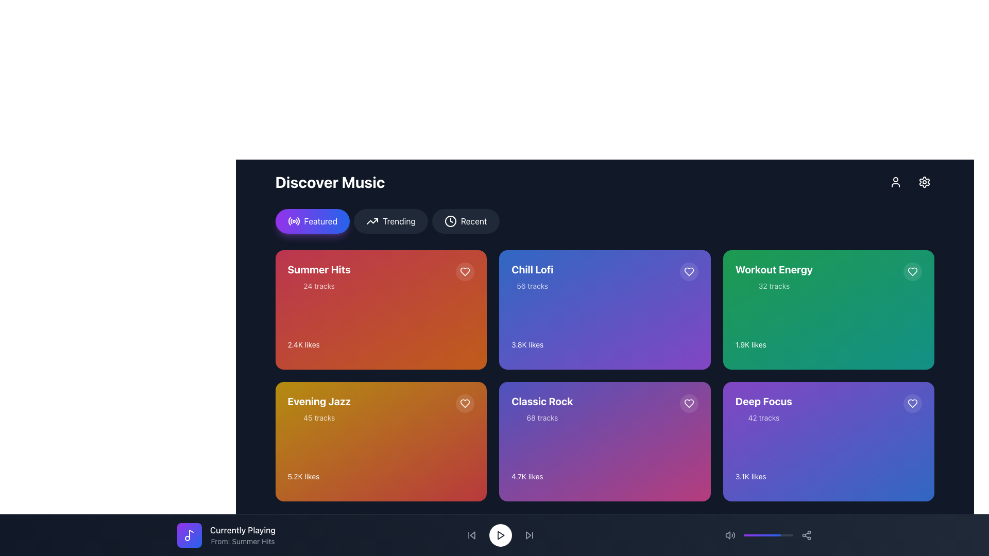 This screenshot has width=989, height=556. Describe the element at coordinates (372, 220) in the screenshot. I see `the leftmost component of the 'Trending' SVG icon in the top bar to trigger a tooltip or highlight` at that location.